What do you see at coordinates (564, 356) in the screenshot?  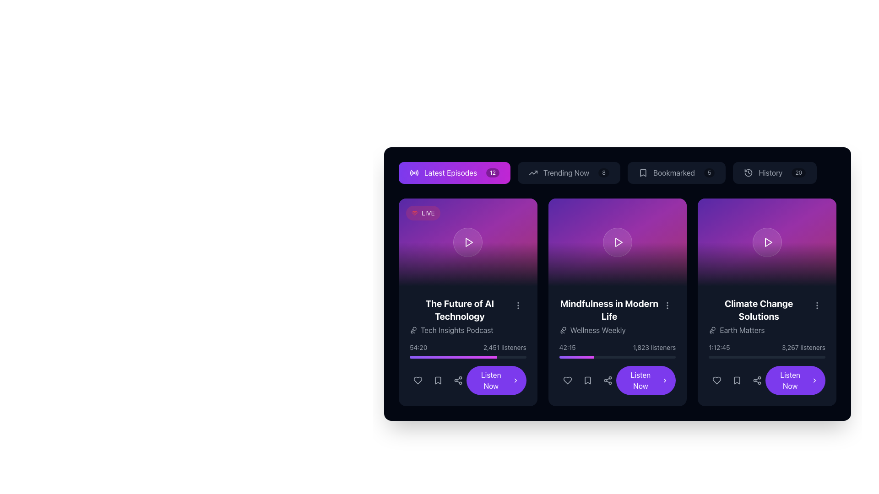 I see `progress` at bounding box center [564, 356].